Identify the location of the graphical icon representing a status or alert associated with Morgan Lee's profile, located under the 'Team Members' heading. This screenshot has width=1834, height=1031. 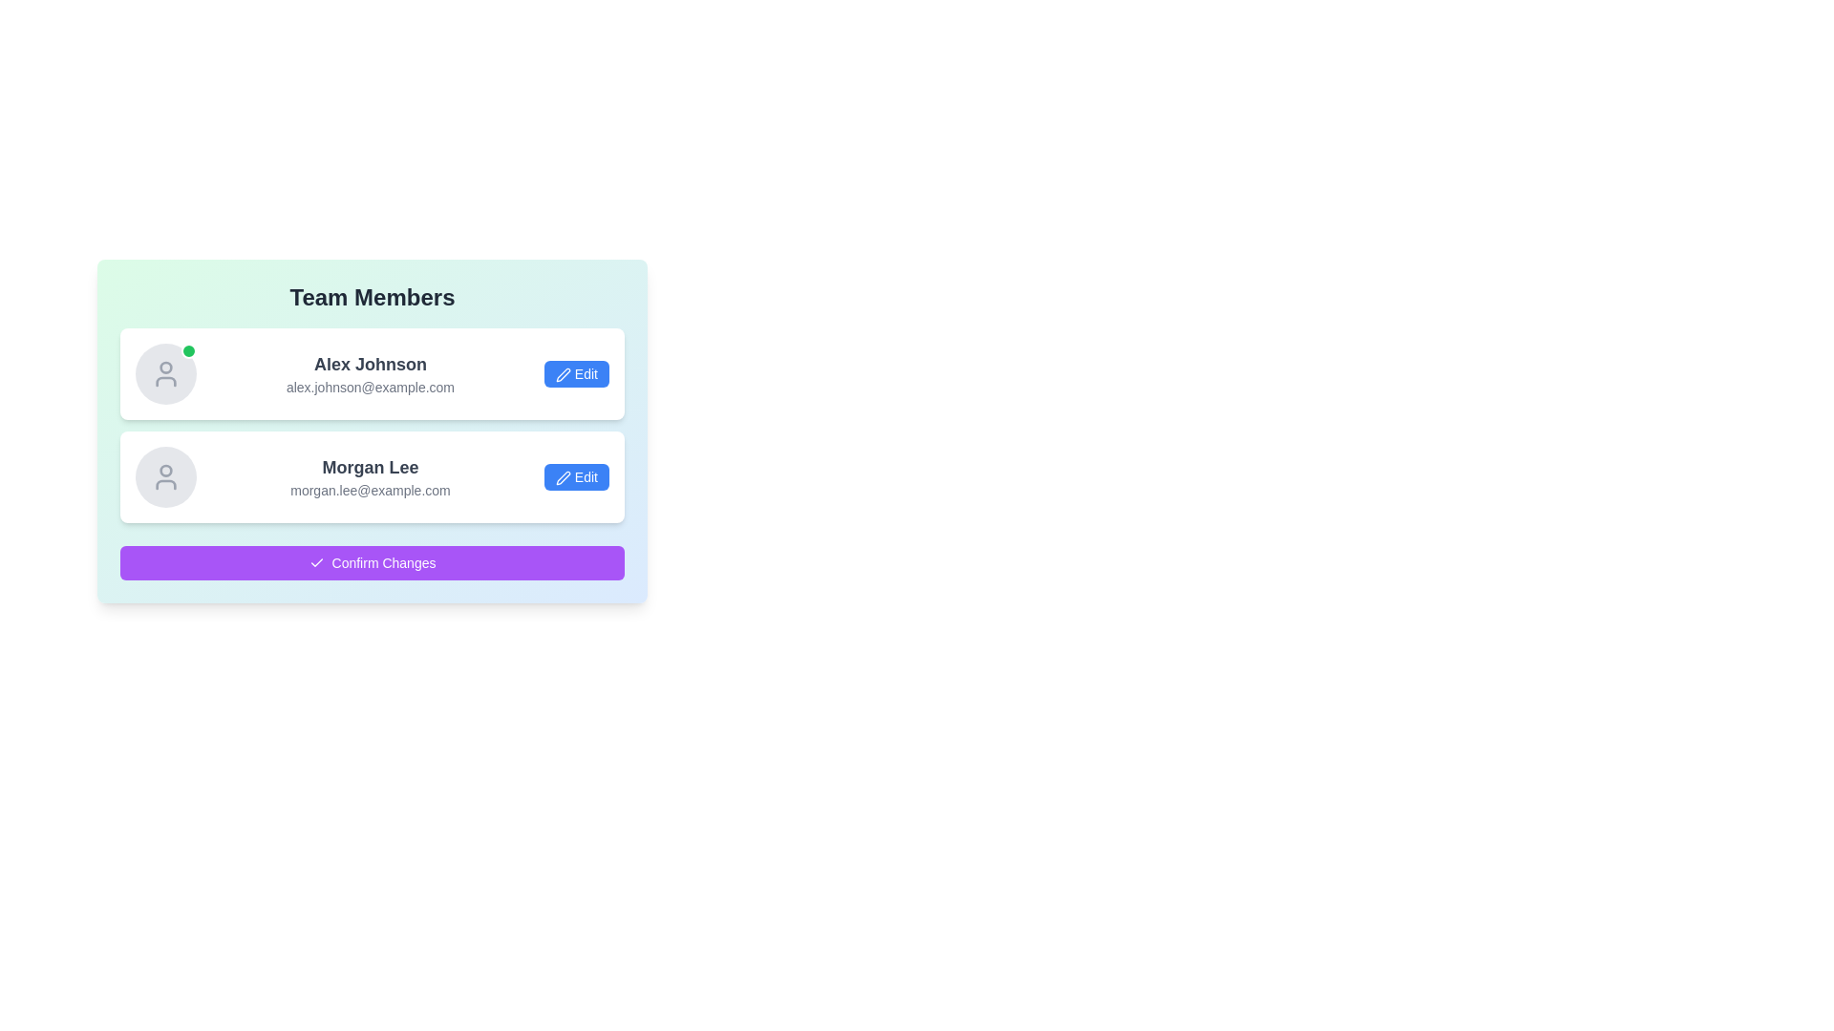
(165, 471).